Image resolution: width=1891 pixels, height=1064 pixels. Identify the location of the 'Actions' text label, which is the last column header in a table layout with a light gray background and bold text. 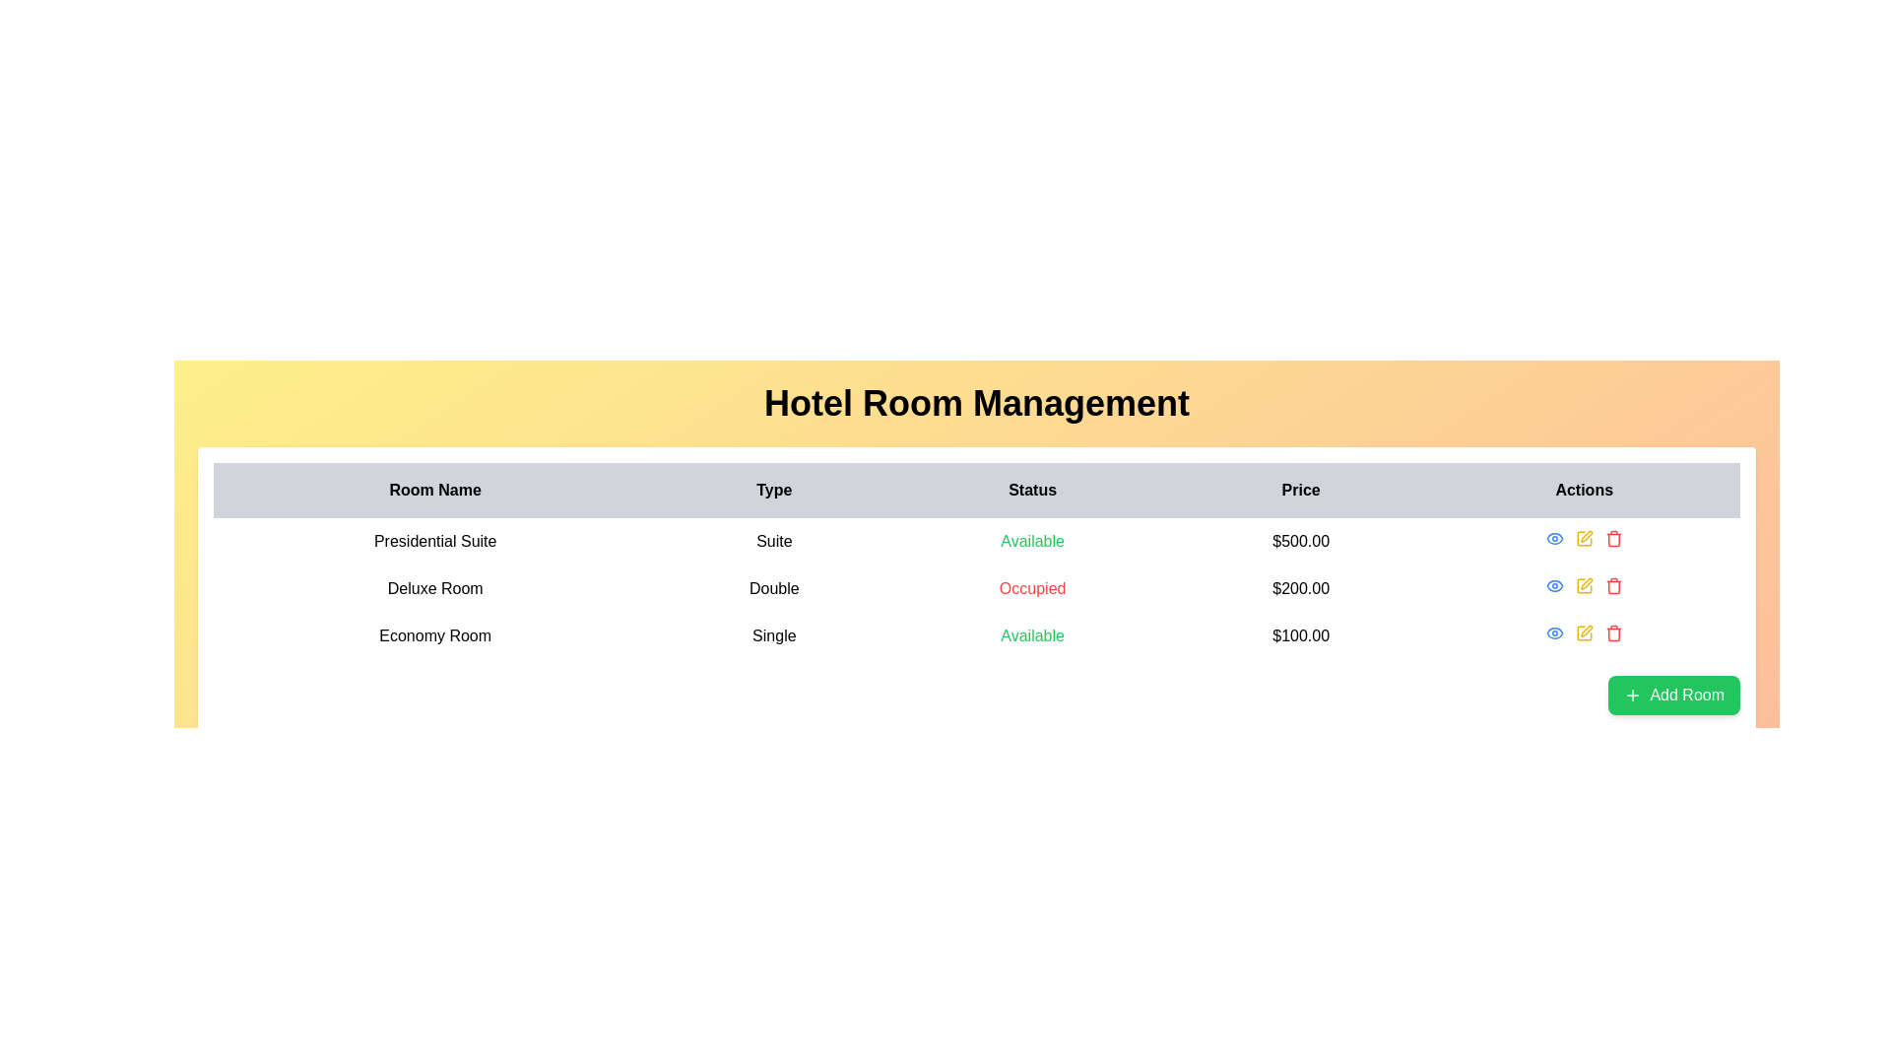
(1584, 489).